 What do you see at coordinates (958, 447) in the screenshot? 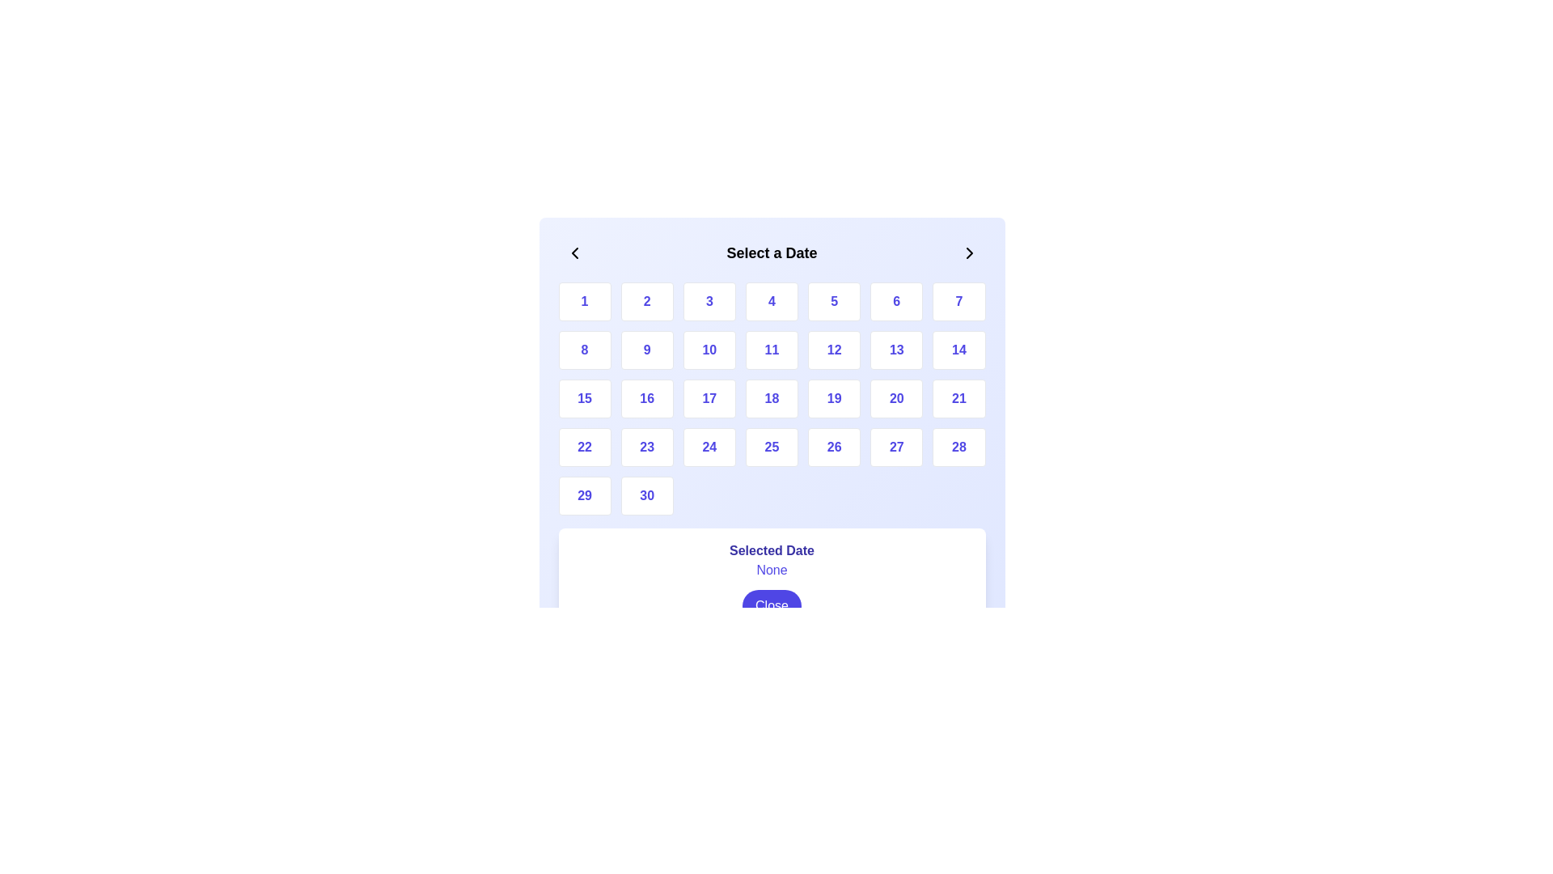
I see `the button labeled '28' with a bold indigo font in the bottom-right of the calendar grid` at bounding box center [958, 447].